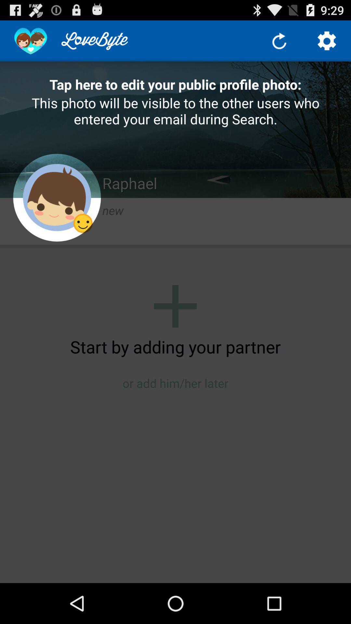 This screenshot has height=624, width=351. What do you see at coordinates (327, 40) in the screenshot?
I see `settings` at bounding box center [327, 40].